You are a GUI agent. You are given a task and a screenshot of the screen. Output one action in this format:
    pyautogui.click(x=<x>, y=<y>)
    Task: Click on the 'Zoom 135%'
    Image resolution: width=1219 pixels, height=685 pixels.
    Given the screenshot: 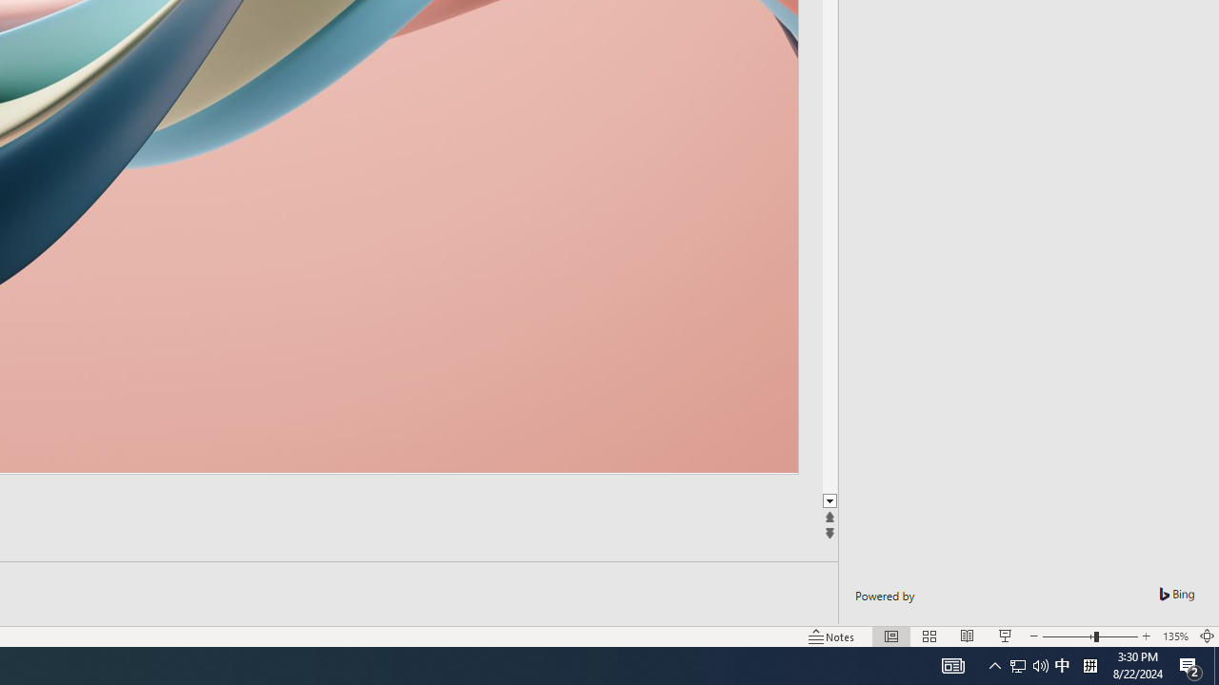 What is the action you would take?
    pyautogui.click(x=1174, y=636)
    